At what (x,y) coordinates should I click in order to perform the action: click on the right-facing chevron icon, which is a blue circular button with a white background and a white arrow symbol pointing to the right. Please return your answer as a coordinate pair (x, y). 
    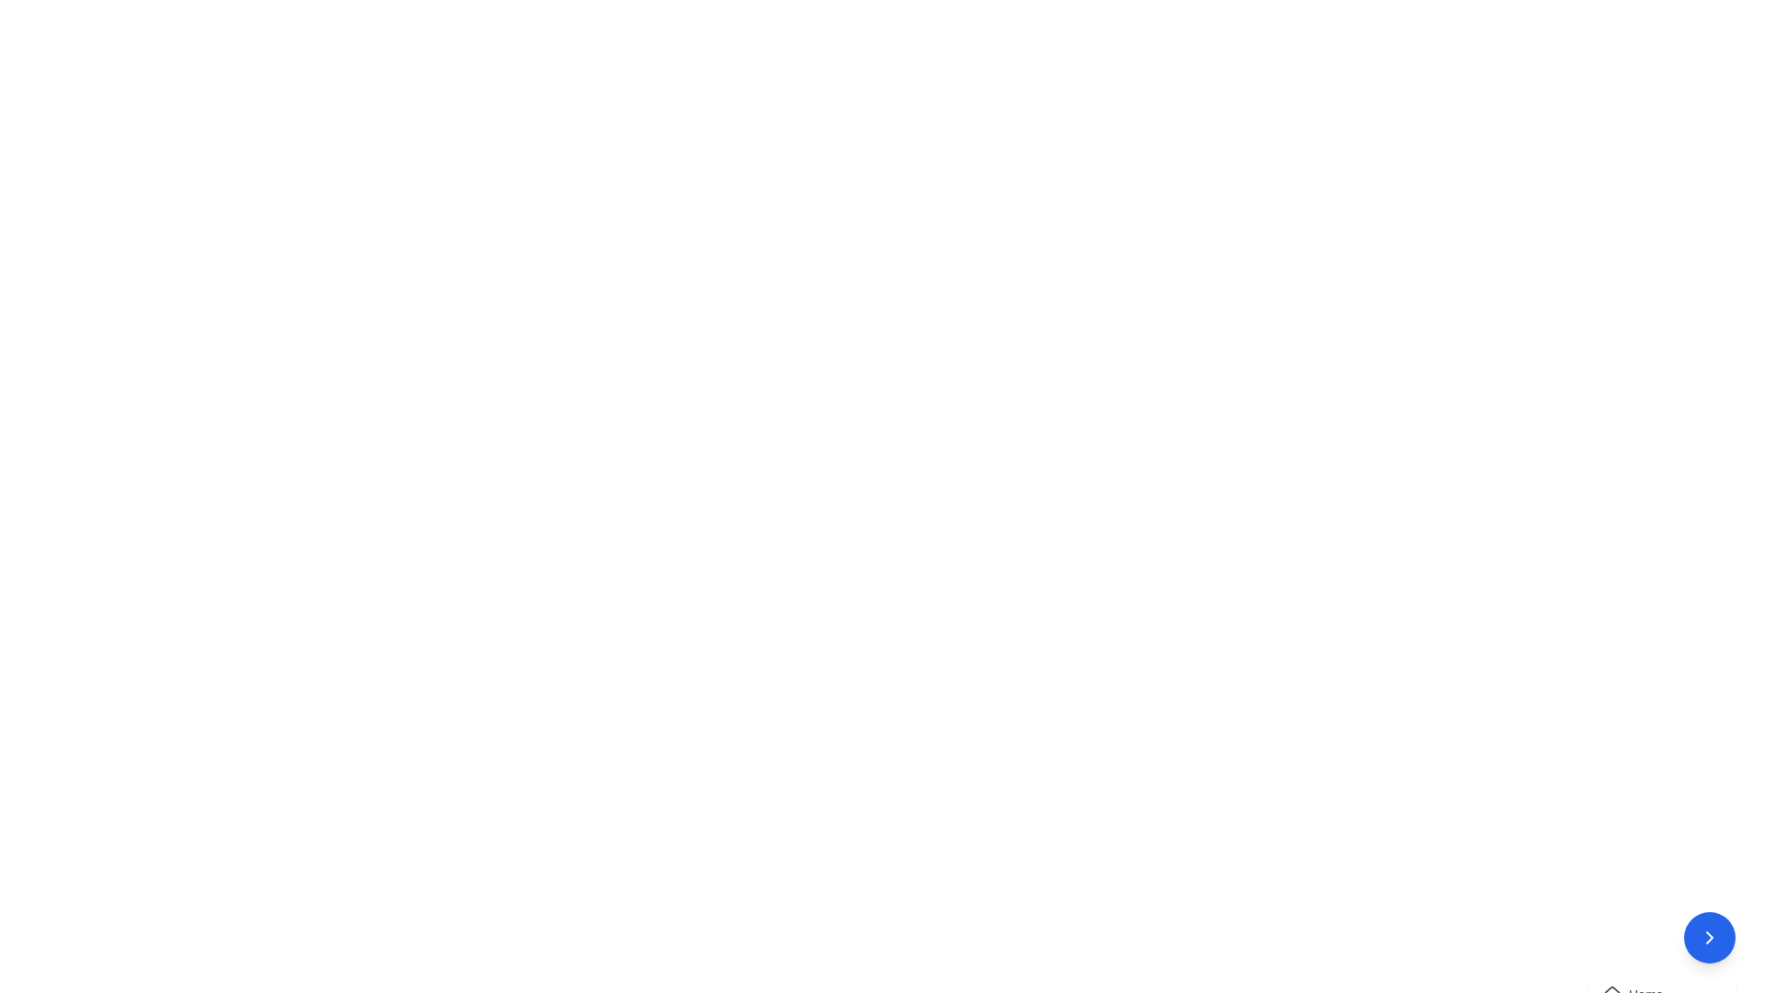
    Looking at the image, I should click on (1709, 937).